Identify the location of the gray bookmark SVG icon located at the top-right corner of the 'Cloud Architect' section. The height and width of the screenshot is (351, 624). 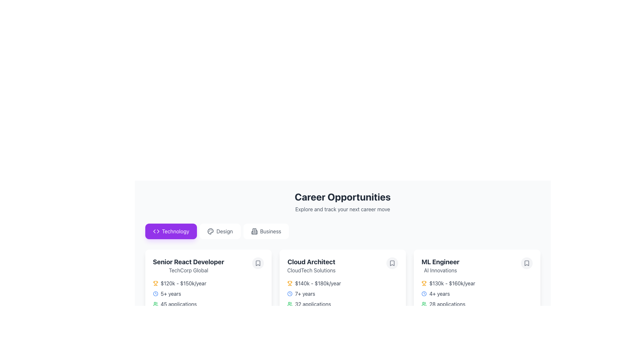
(392, 263).